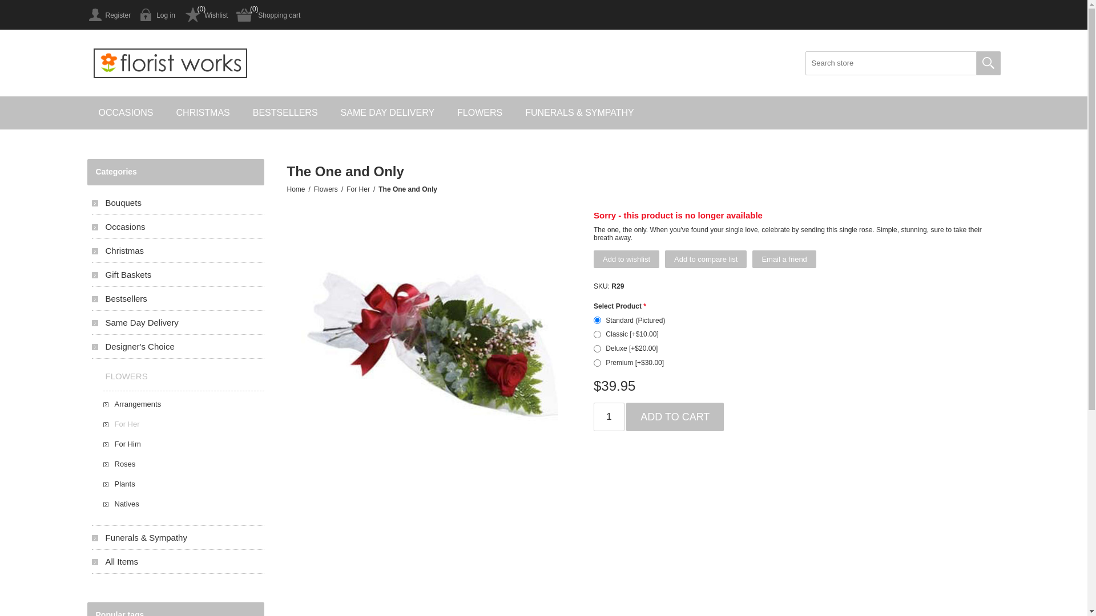 The height and width of the screenshot is (616, 1096). I want to click on 'Plants', so click(183, 484).